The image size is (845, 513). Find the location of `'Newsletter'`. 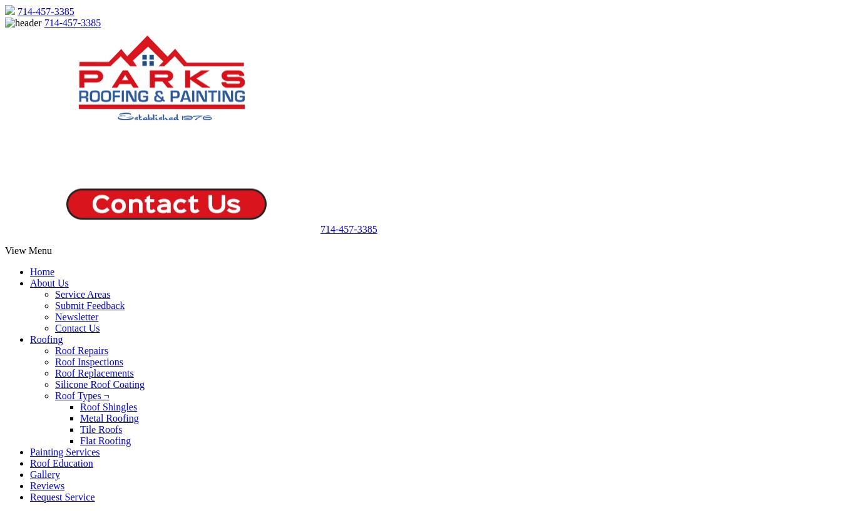

'Newsletter' is located at coordinates (76, 317).